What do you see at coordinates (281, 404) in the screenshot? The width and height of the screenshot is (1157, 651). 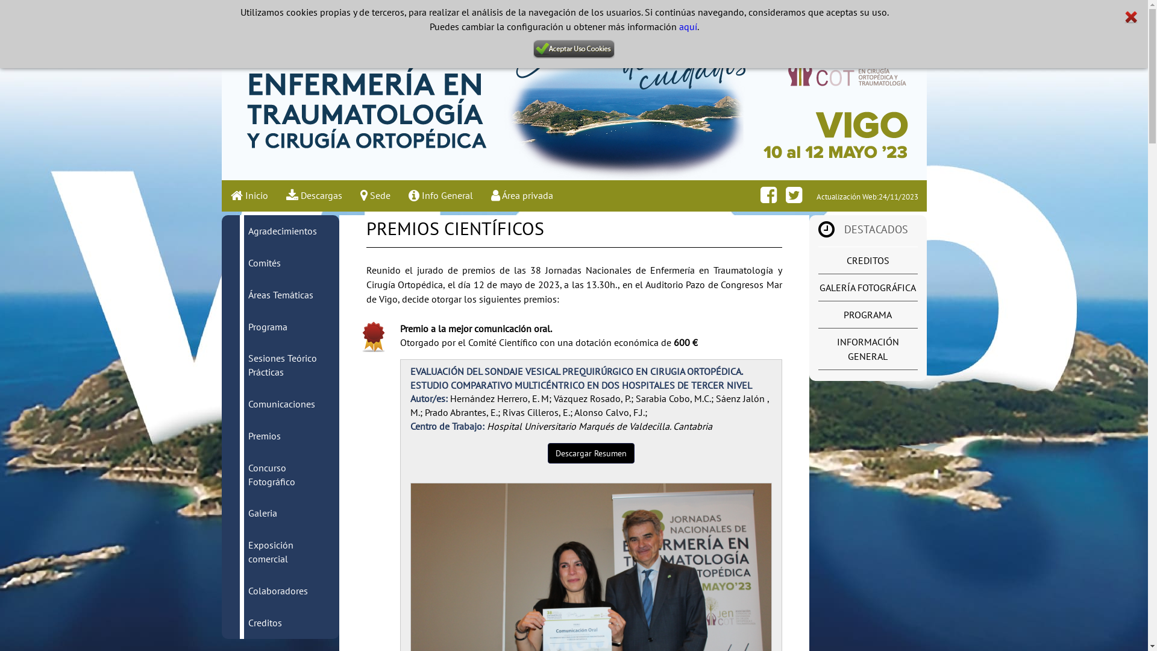 I see `'Comunicaciones'` at bounding box center [281, 404].